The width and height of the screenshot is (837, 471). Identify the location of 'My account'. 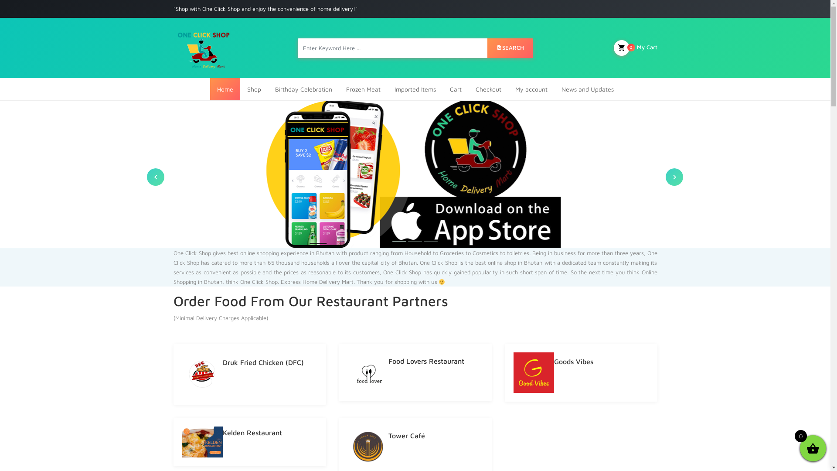
(531, 89).